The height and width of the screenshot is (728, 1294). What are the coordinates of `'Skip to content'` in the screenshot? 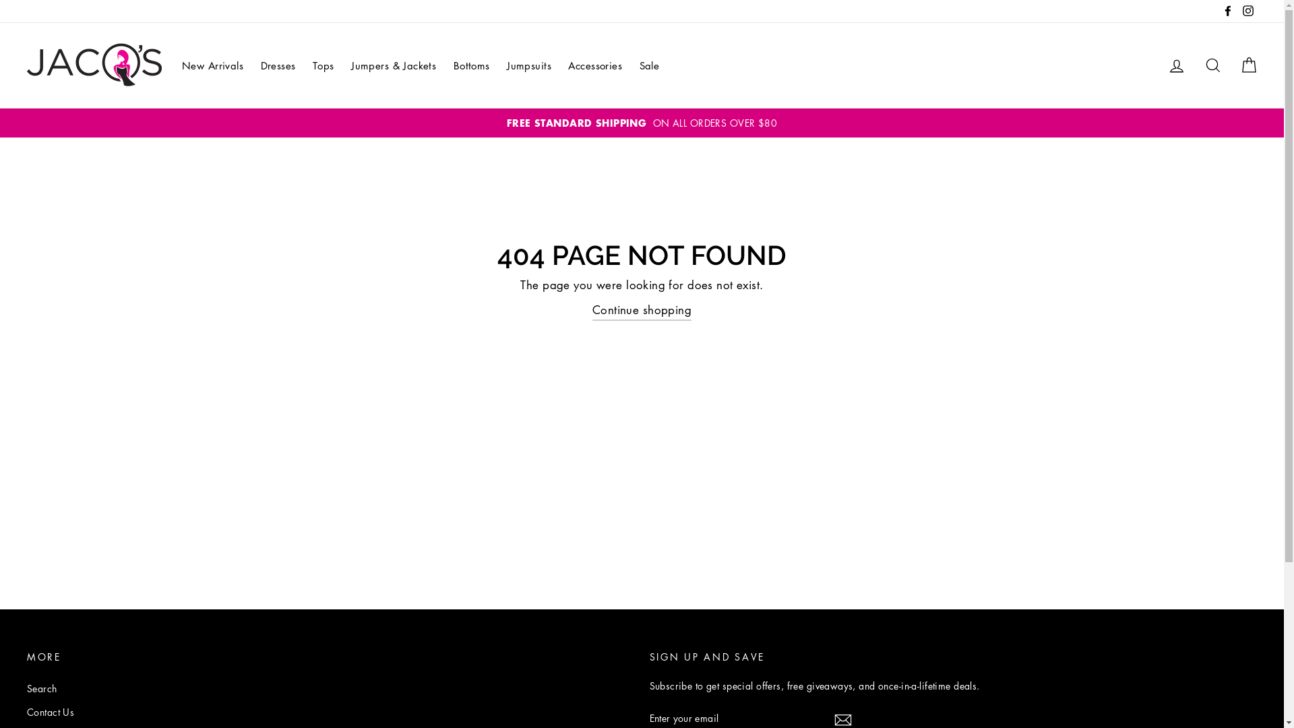 It's located at (0, 0).